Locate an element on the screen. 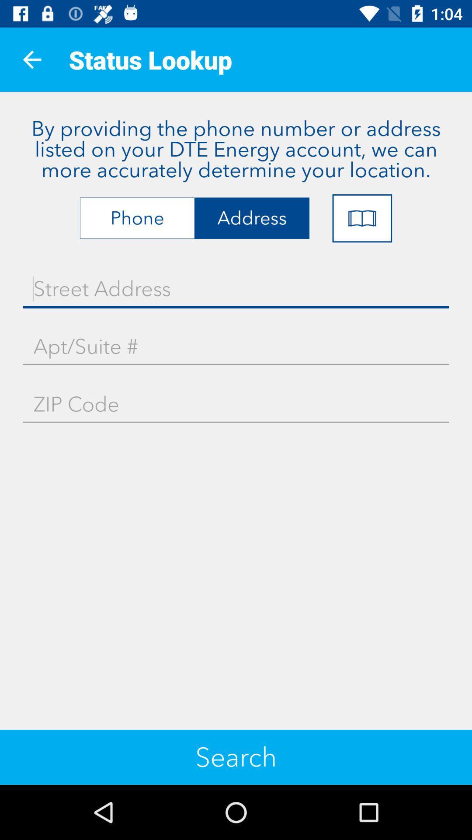 Image resolution: width=472 pixels, height=840 pixels. the icon above the by providing the is located at coordinates (31, 59).